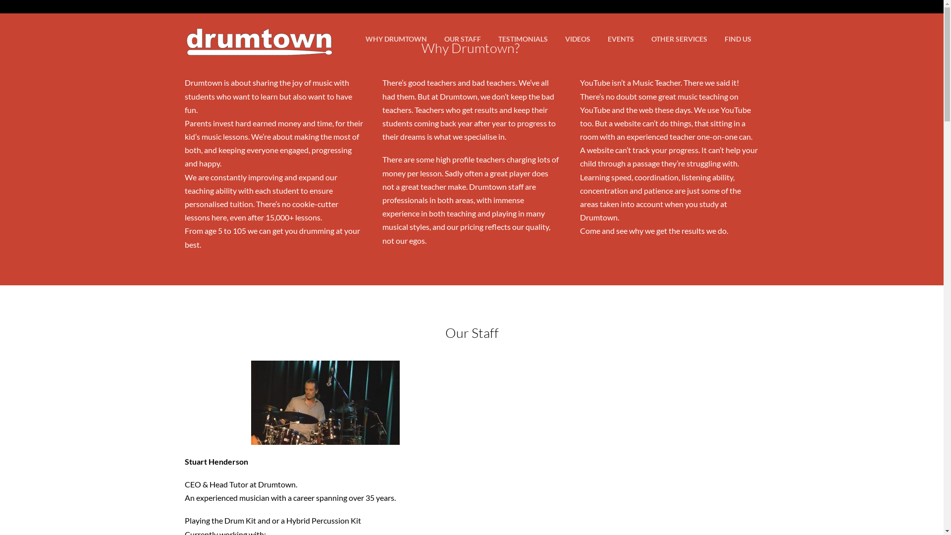  Describe the element at coordinates (396, 39) in the screenshot. I see `'WHY DRUMTOWN'` at that location.